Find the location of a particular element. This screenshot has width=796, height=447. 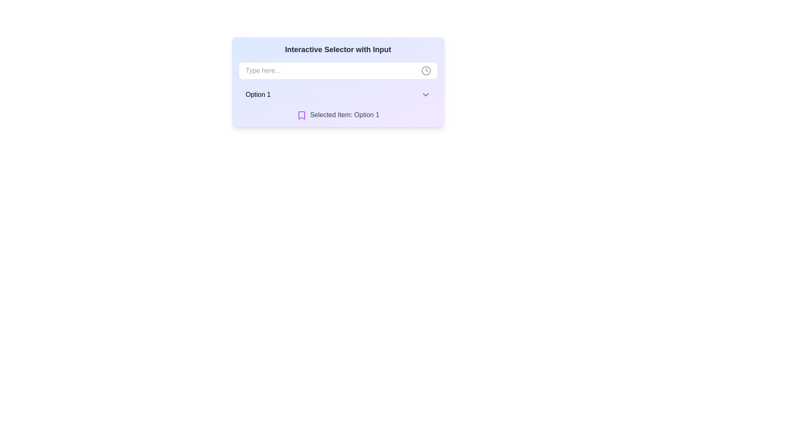

the time selection icon located to the far-right side of the text input field labeled 'Type here...' to trigger the tooltip or focus effect is located at coordinates (426, 70).